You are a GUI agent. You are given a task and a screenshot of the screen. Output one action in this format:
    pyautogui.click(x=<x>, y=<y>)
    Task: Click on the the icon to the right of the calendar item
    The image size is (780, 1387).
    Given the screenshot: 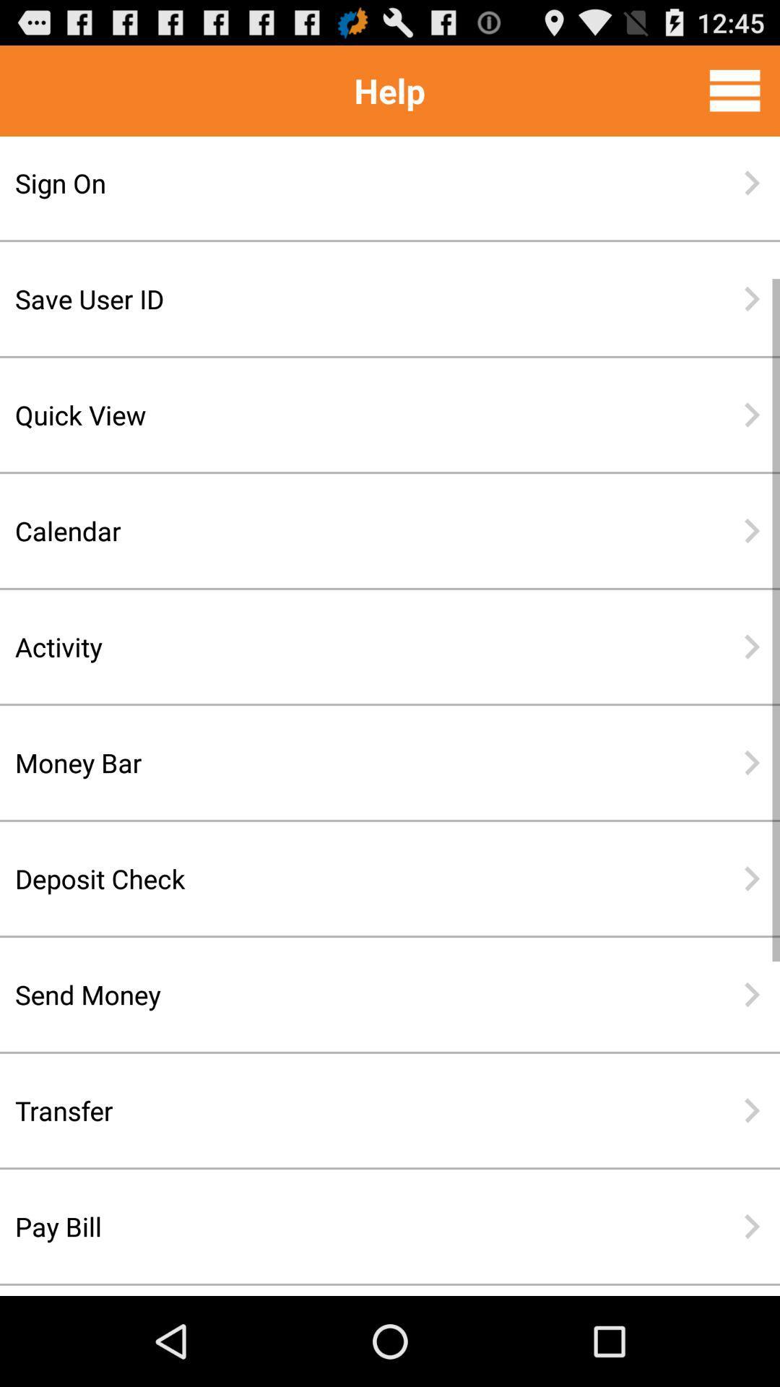 What is the action you would take?
    pyautogui.click(x=751, y=530)
    